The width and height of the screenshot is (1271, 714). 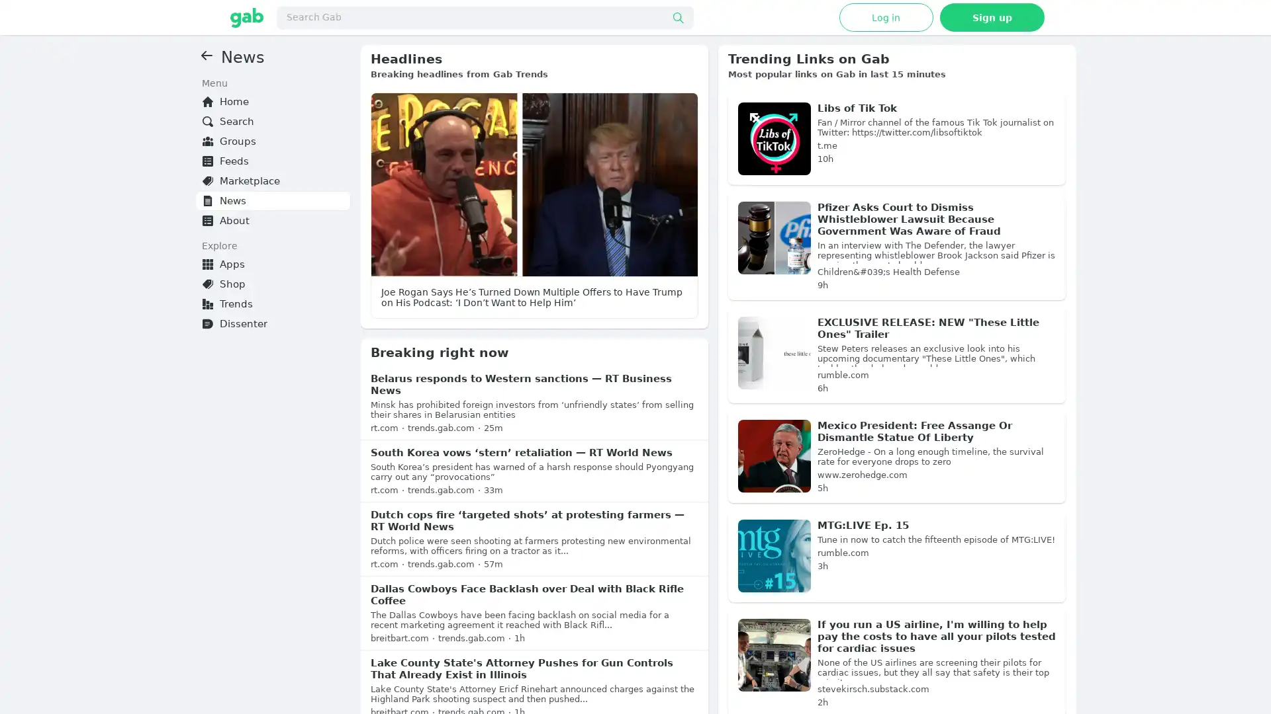 What do you see at coordinates (896, 259) in the screenshot?
I see `Sponsored: Powerful (Victorious) Christian Teaching for Pastors and Churches - "All the Bible for all of life" materials for pastoral education, staff training and adult curriculum. Our content is created from a victorious Pentecostal worldview. We provide pastors access to the highest quality resources from experienced pastors and gifted teachers from Christian universities, seminaries and Bible schools. Much material is available with a free membership, while a paid membership provides full-access to a large and growing library of teaching videos and newsletters.` at bounding box center [896, 259].